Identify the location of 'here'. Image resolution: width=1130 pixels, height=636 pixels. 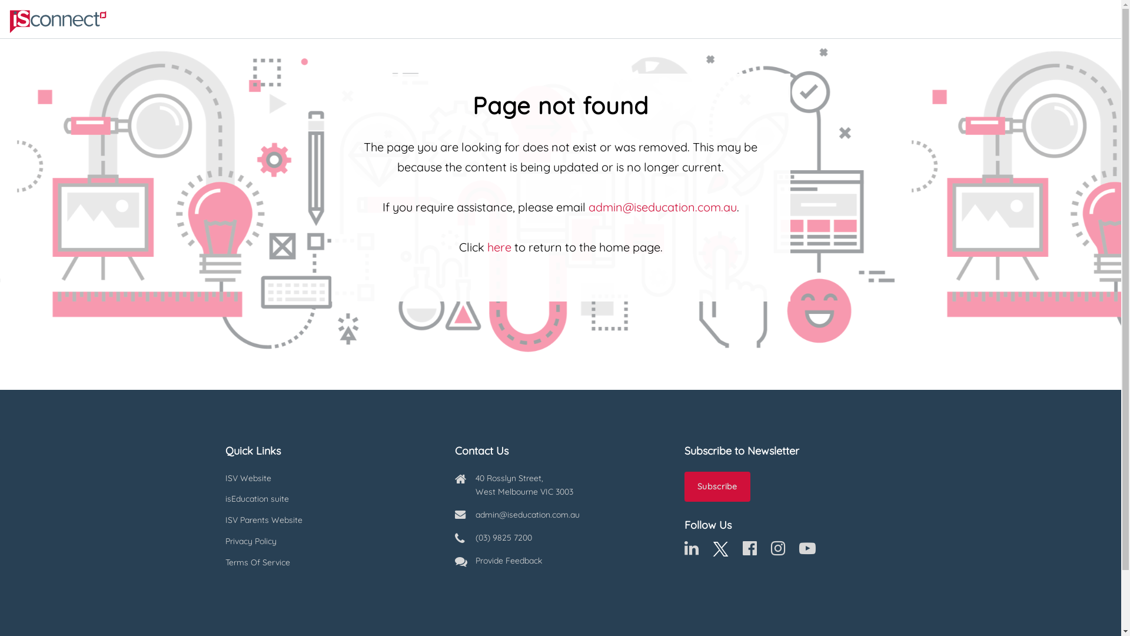
(499, 246).